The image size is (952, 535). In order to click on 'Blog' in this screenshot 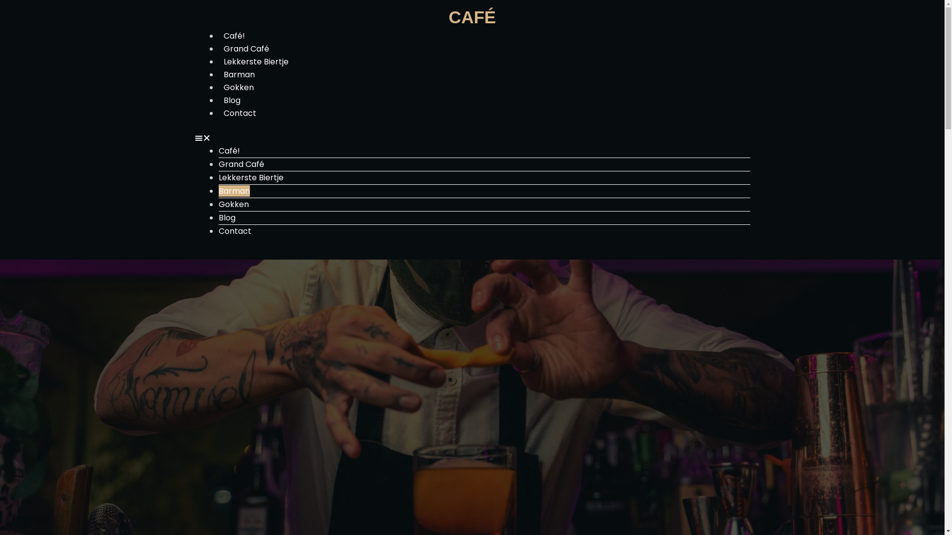, I will do `click(226, 217)`.